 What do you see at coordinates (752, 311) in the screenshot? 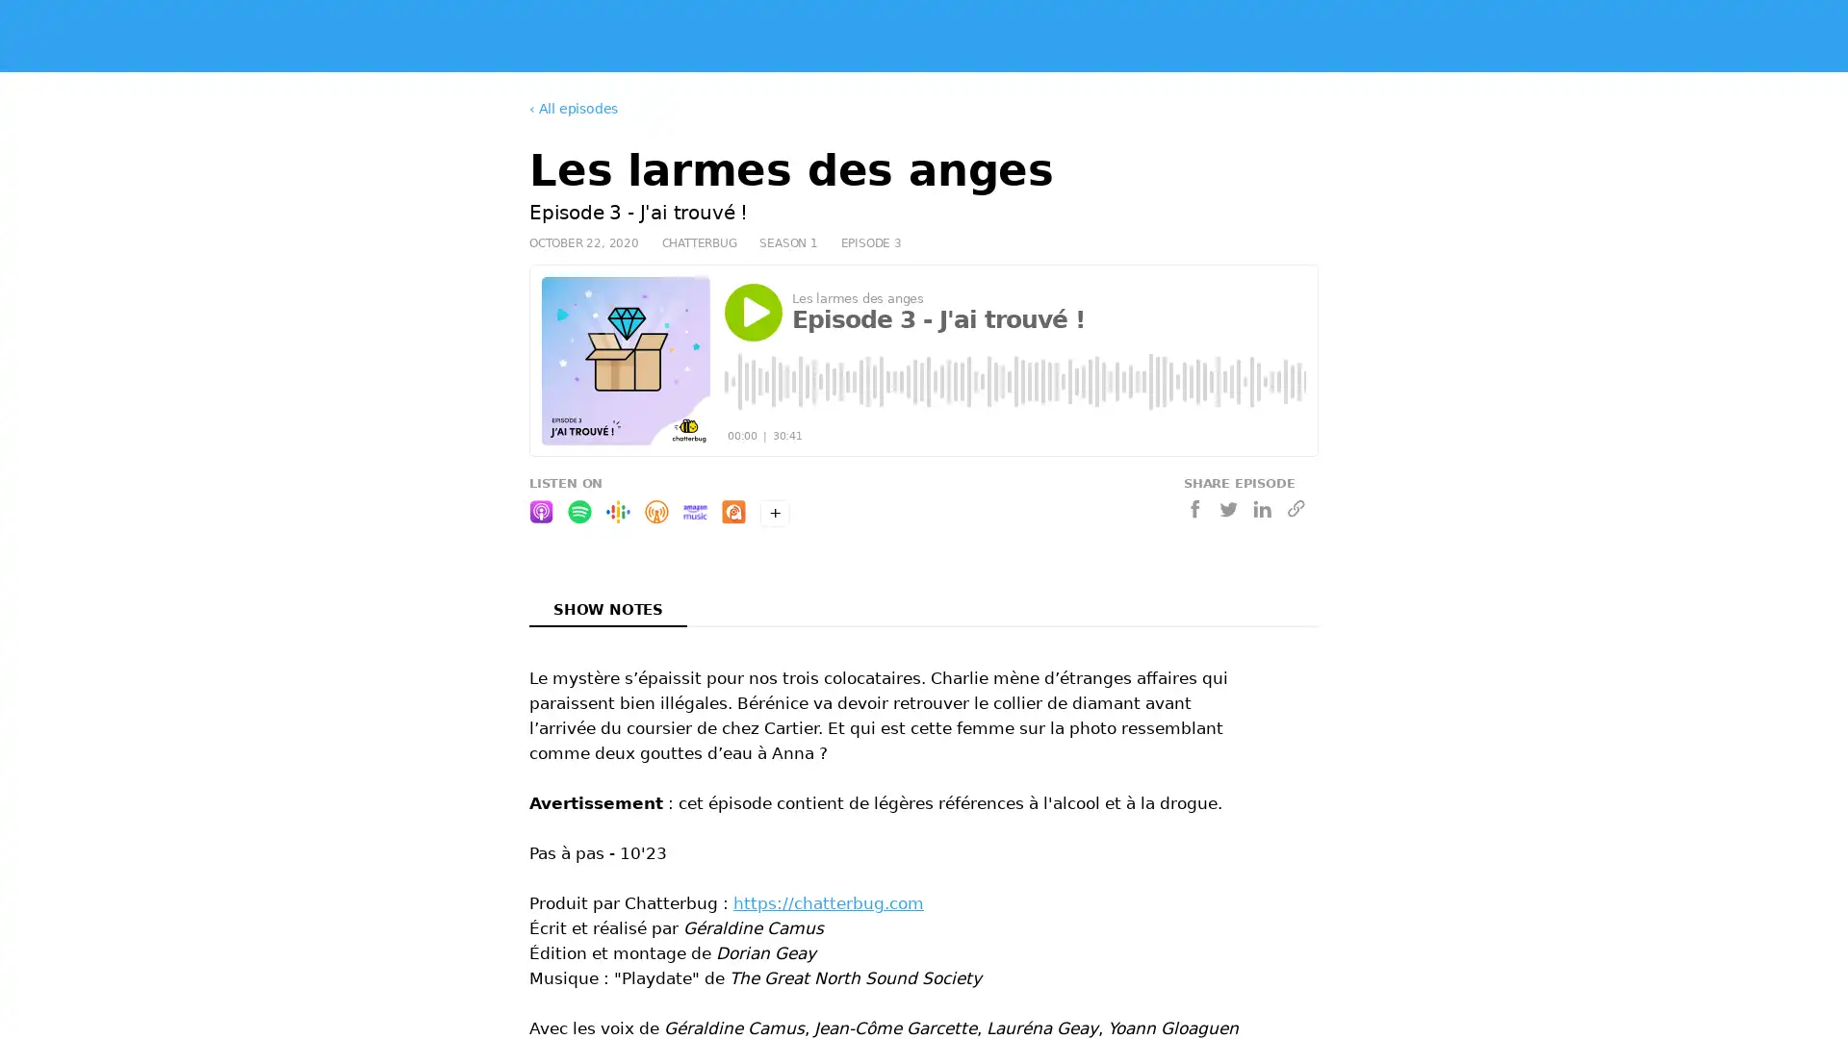
I see `Play` at bounding box center [752, 311].